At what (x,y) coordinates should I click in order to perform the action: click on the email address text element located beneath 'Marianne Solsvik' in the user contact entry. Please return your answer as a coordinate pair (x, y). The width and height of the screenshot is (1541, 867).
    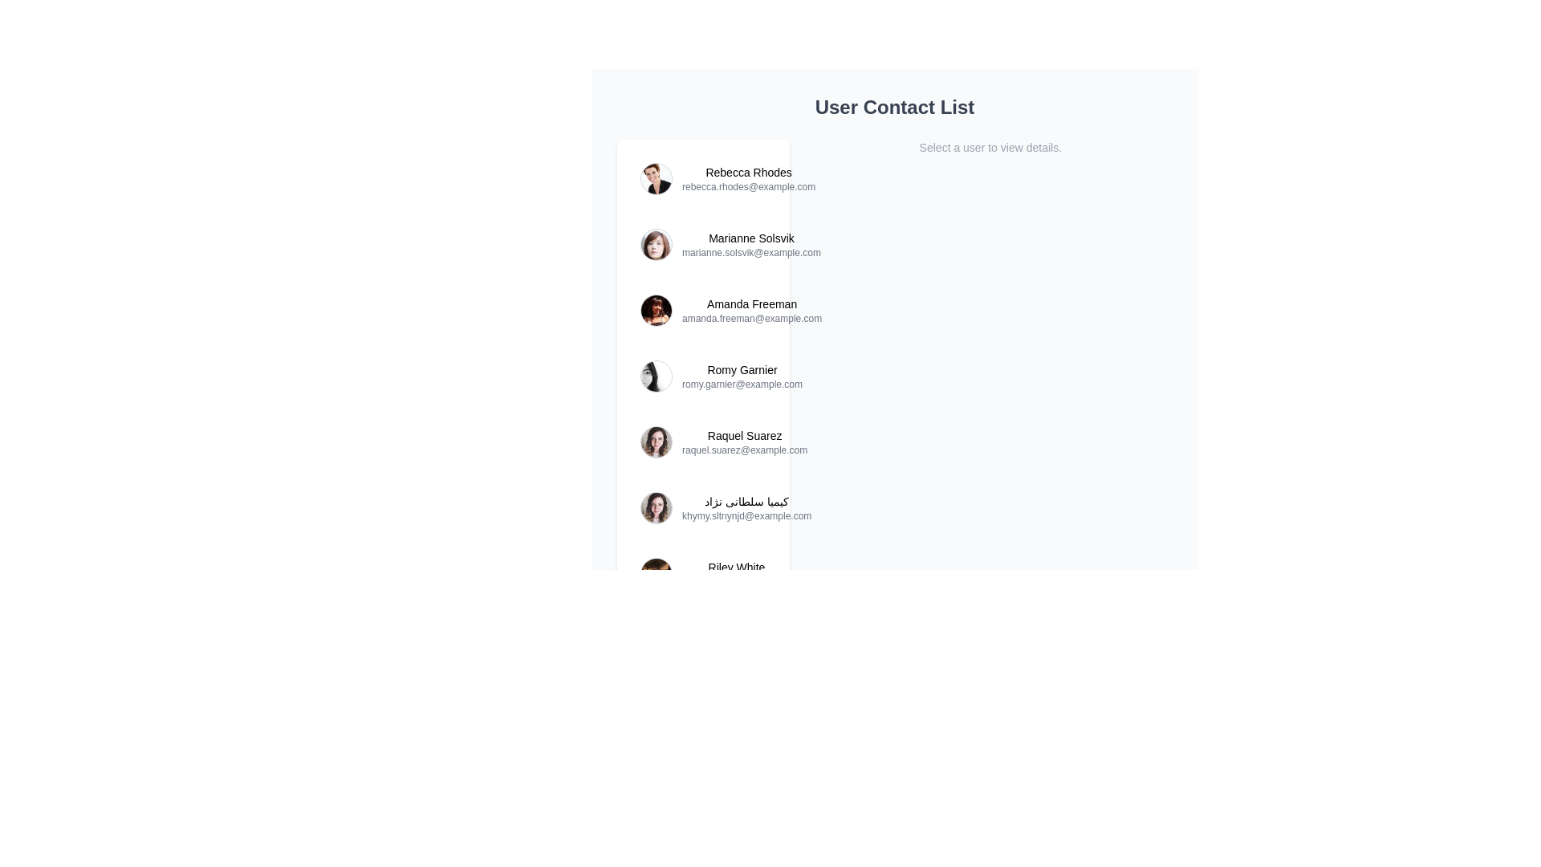
    Looking at the image, I should click on (750, 253).